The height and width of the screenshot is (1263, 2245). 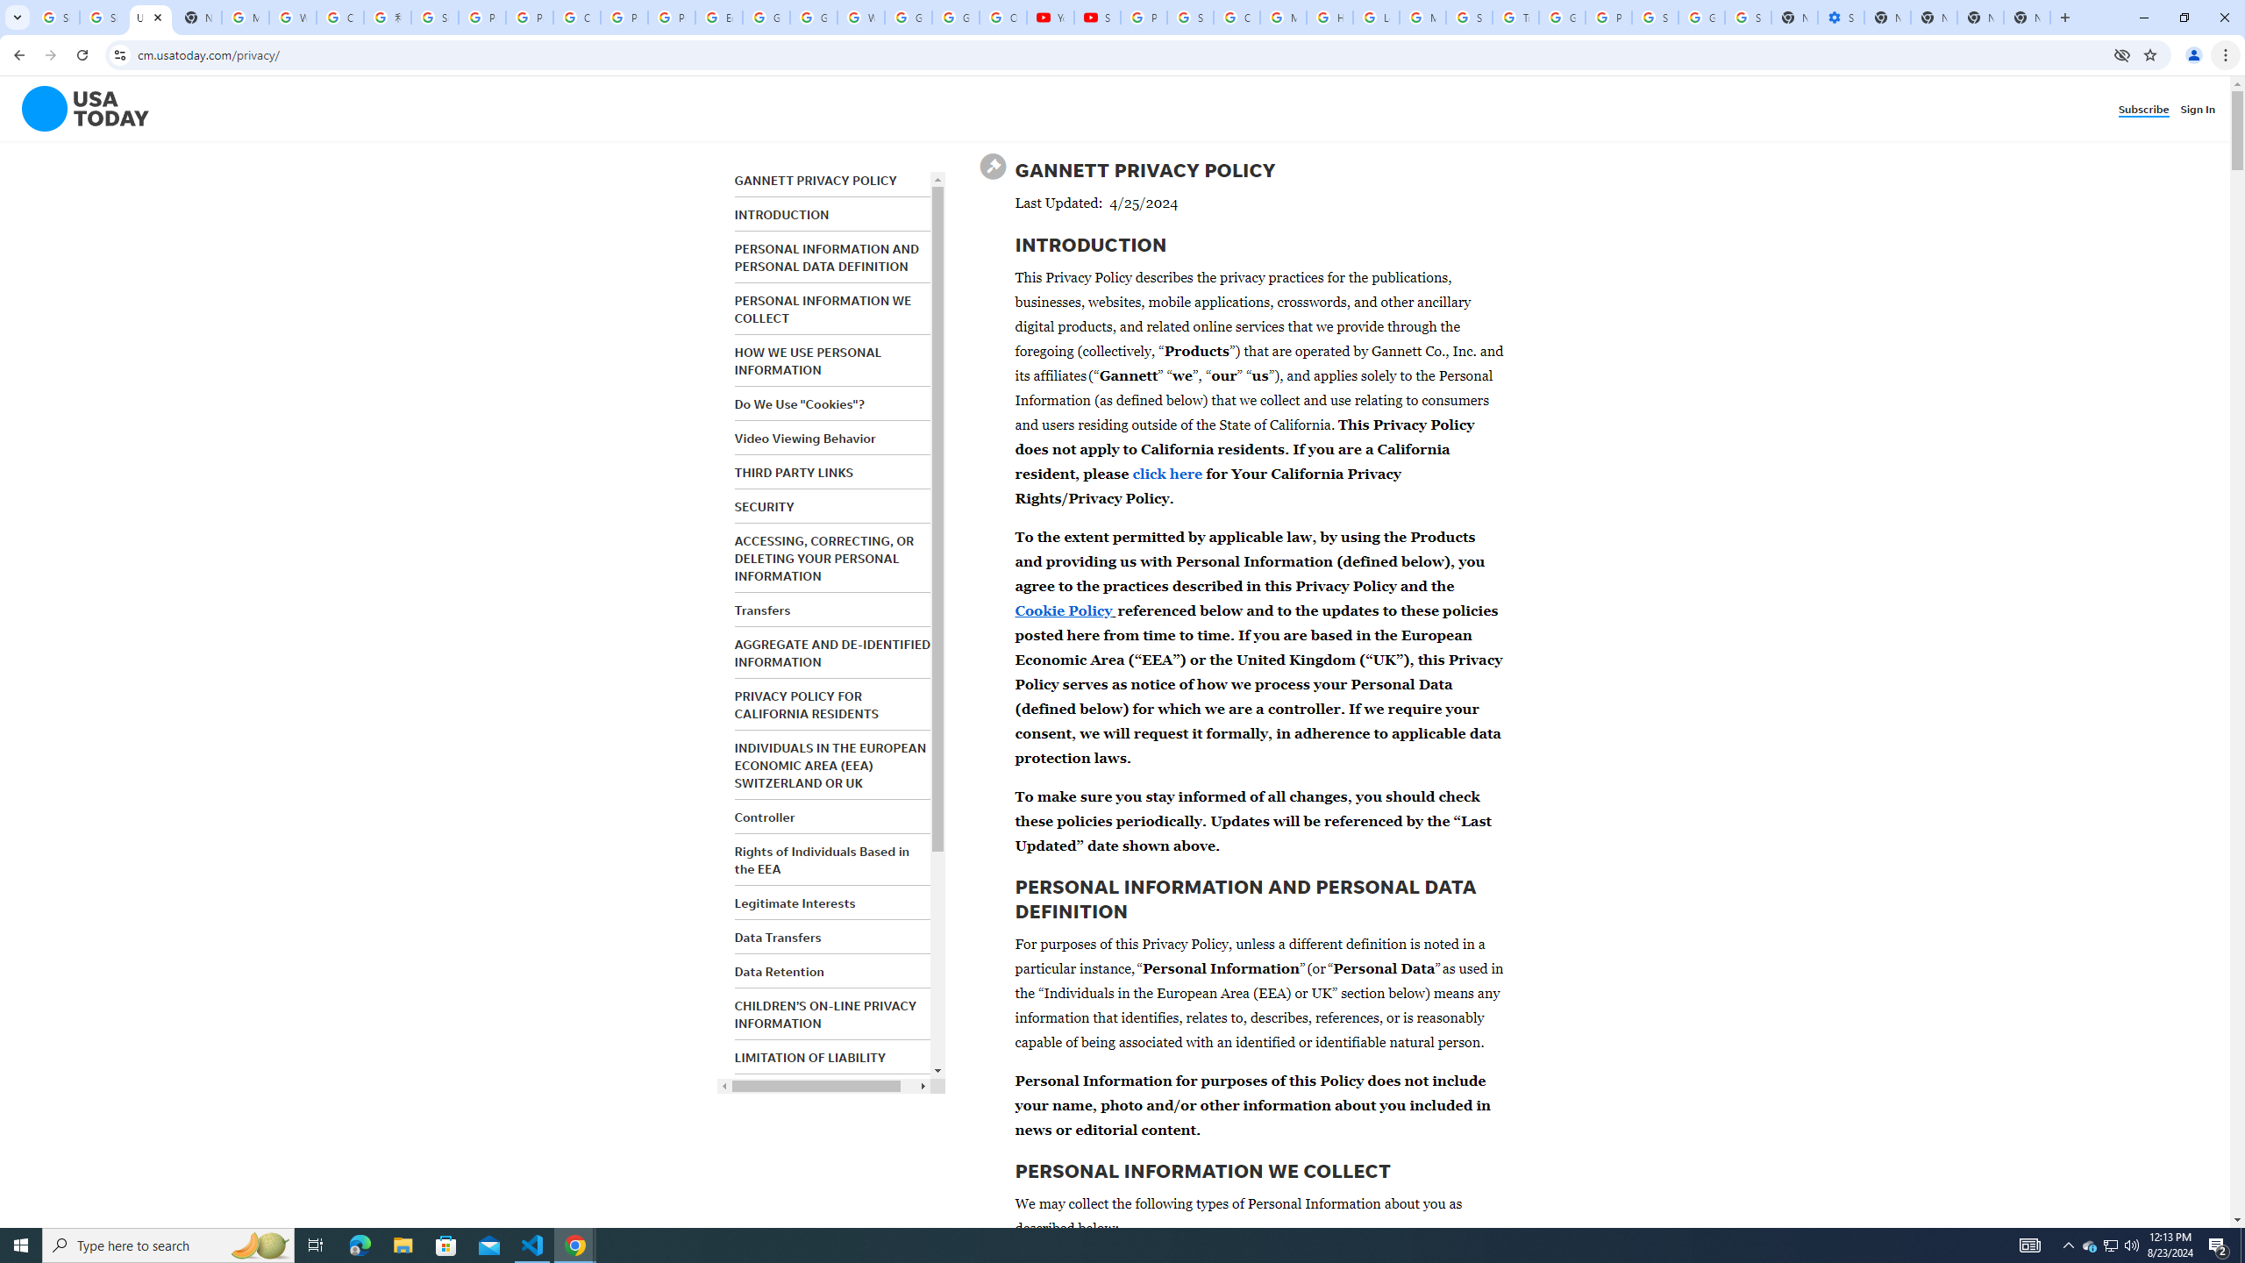 I want to click on 'Google Ads - Sign in', so click(x=1562, y=17).